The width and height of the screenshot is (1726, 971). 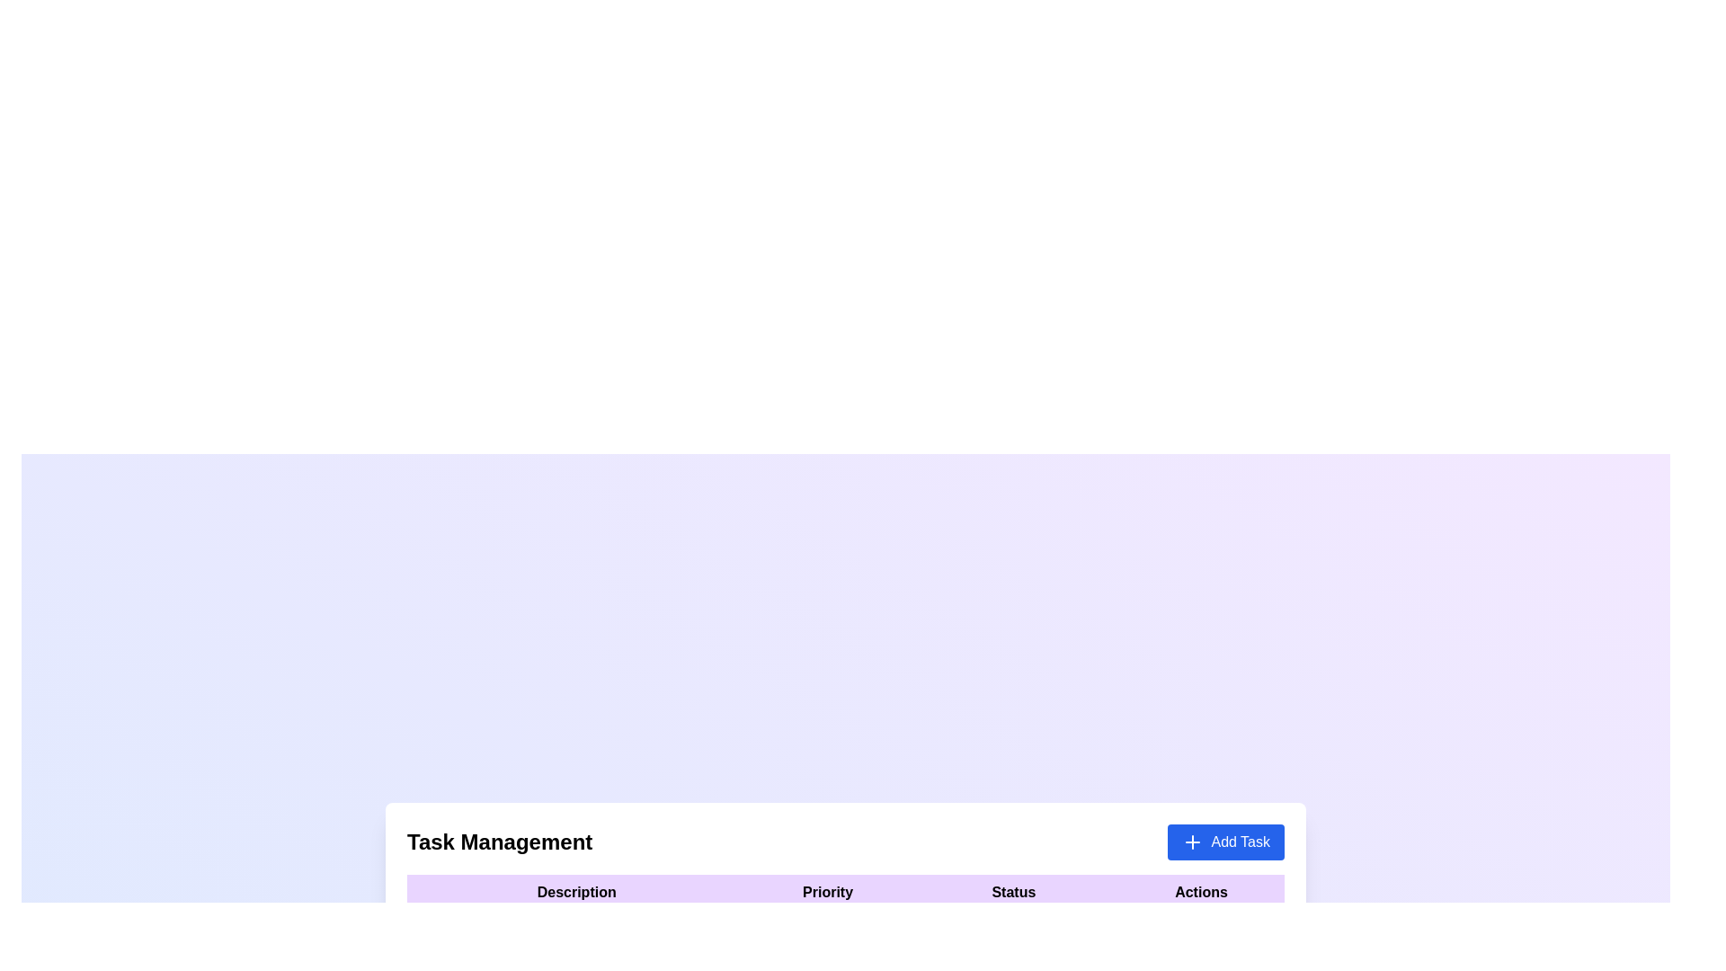 I want to click on the 'Add Task' button, which has white text on a blue background and is located at the far right of the 'Task Management' bar, so click(x=1224, y=842).